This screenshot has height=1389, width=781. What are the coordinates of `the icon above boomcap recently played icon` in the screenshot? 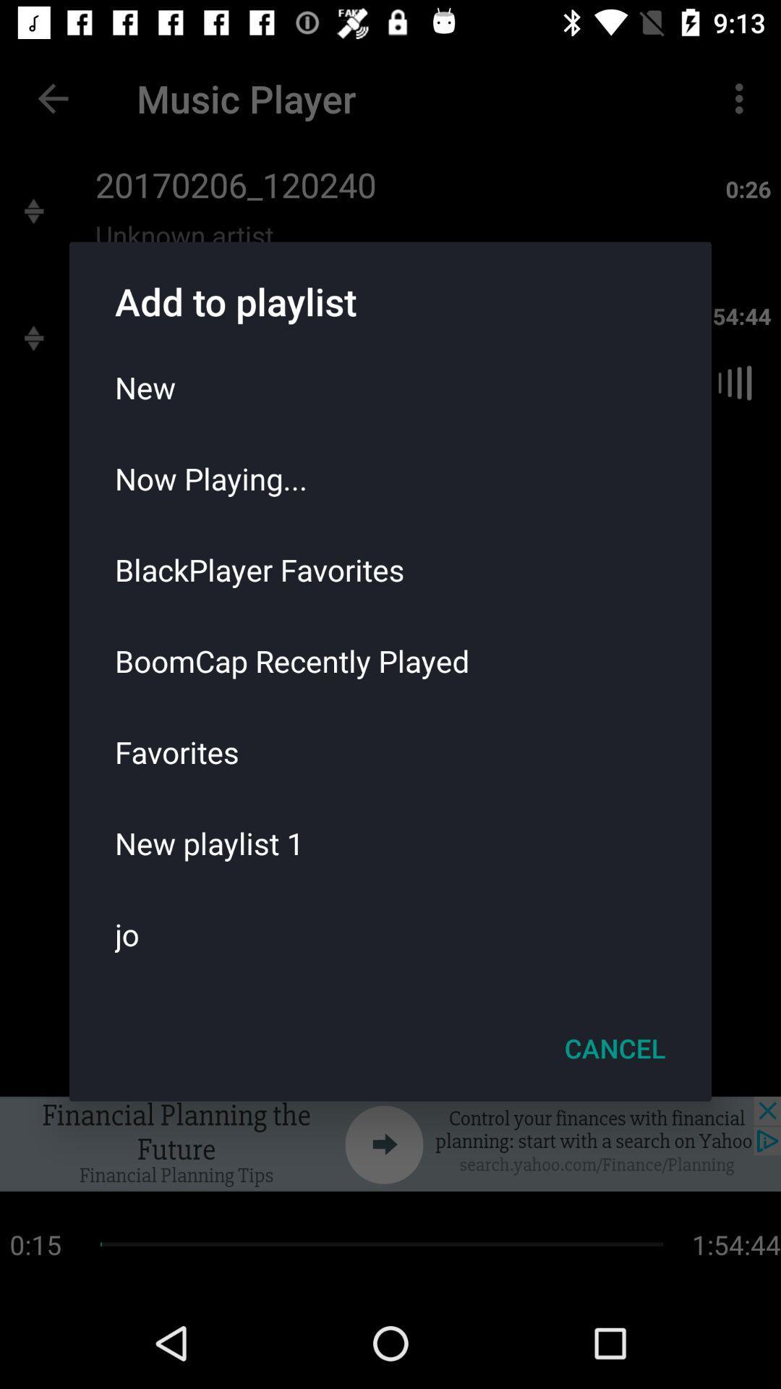 It's located at (390, 569).